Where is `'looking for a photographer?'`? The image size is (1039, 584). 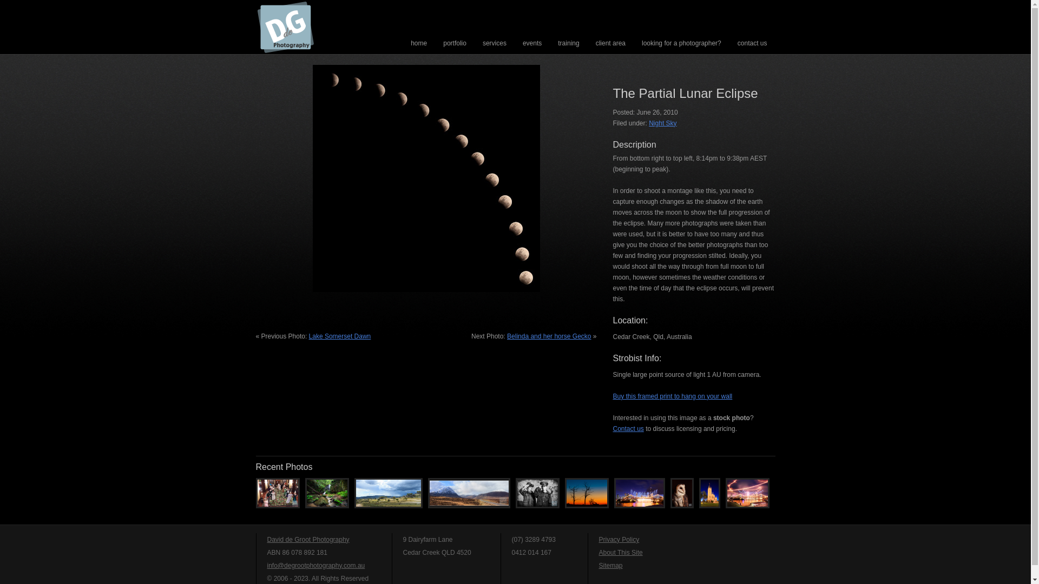
'looking for a photographer?' is located at coordinates (681, 44).